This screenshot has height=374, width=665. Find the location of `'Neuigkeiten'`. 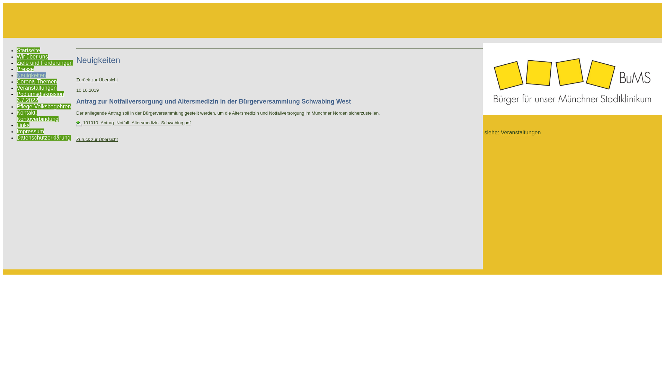

'Neuigkeiten' is located at coordinates (31, 75).